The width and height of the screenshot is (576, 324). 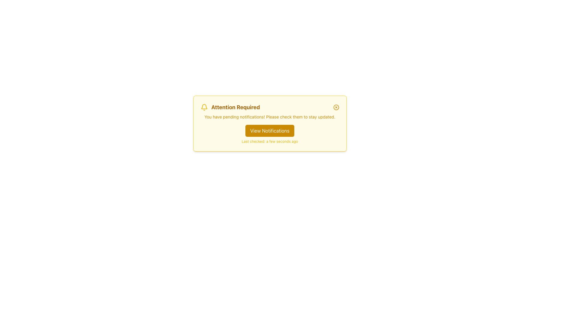 What do you see at coordinates (336, 107) in the screenshot?
I see `circular SVG component that serves as a close button for the notification card, located at the top-right corner of the interface` at bounding box center [336, 107].